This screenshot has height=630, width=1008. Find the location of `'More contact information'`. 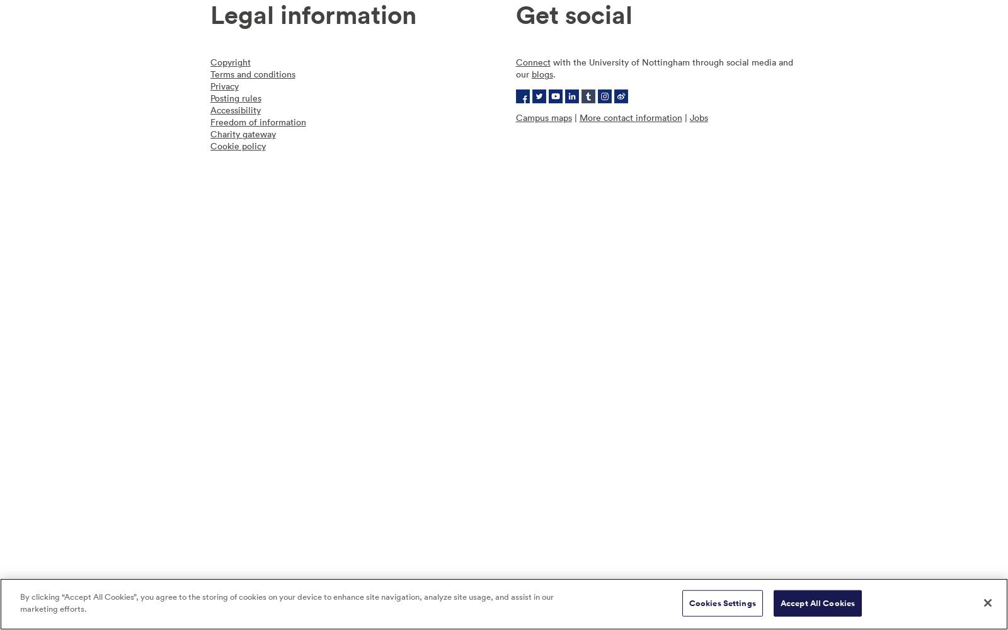

'More contact information' is located at coordinates (578, 117).